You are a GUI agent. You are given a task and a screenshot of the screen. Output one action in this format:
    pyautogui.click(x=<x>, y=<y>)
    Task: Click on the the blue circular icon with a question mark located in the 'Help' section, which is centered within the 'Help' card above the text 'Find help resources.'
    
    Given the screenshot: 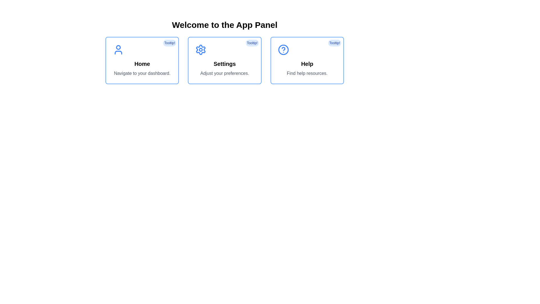 What is the action you would take?
    pyautogui.click(x=283, y=50)
    